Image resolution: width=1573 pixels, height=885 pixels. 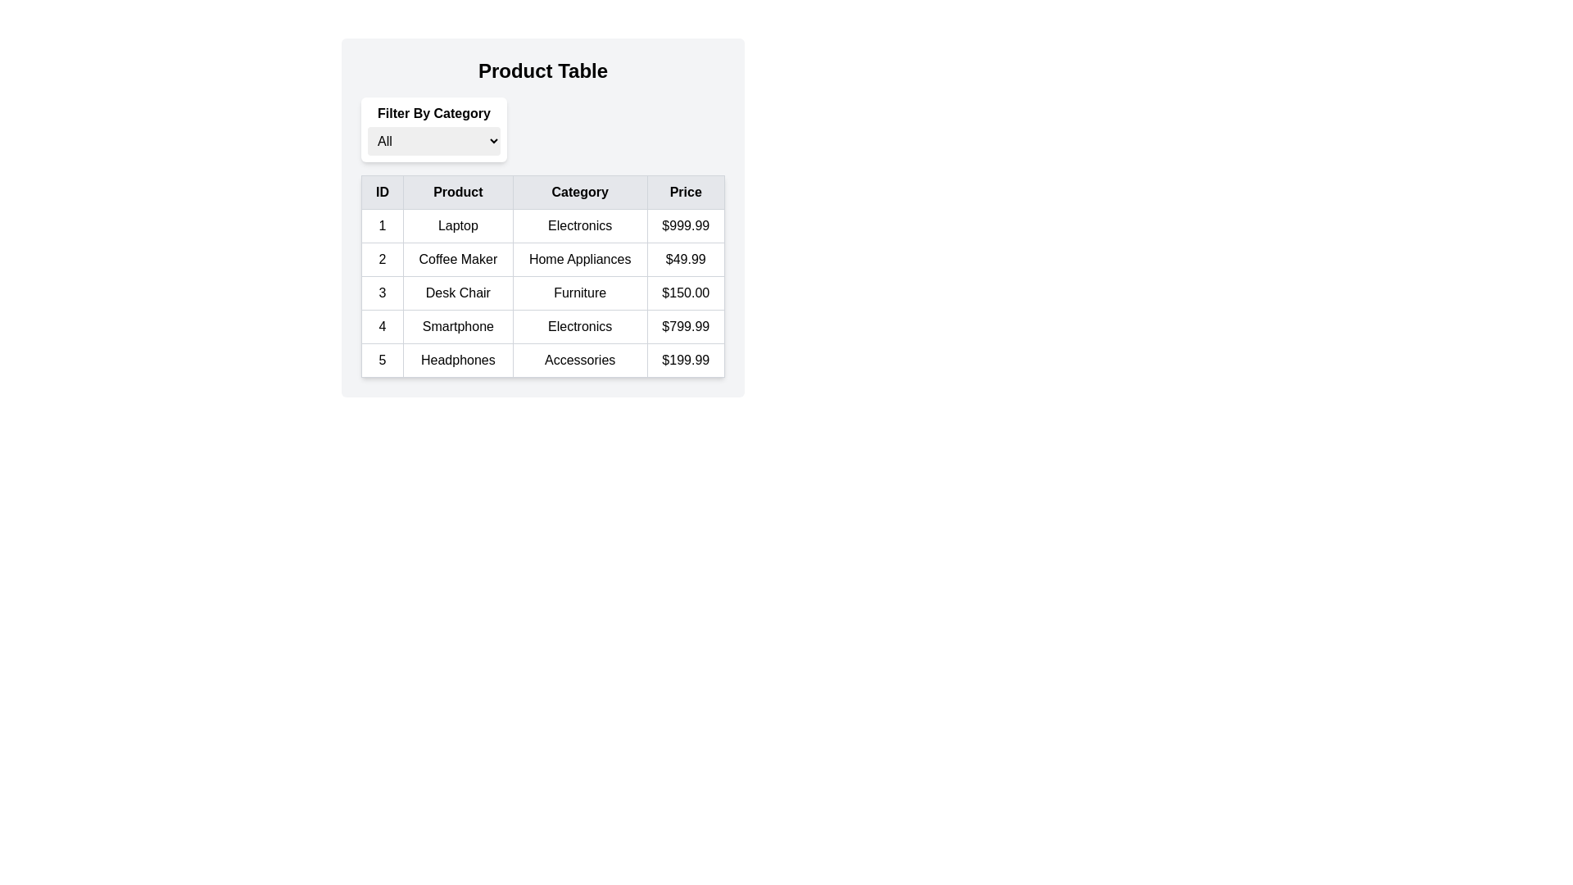 I want to click on the fourth row in the product table, which displays the product ID, name, category, and price, to focus on the row, so click(x=542, y=326).